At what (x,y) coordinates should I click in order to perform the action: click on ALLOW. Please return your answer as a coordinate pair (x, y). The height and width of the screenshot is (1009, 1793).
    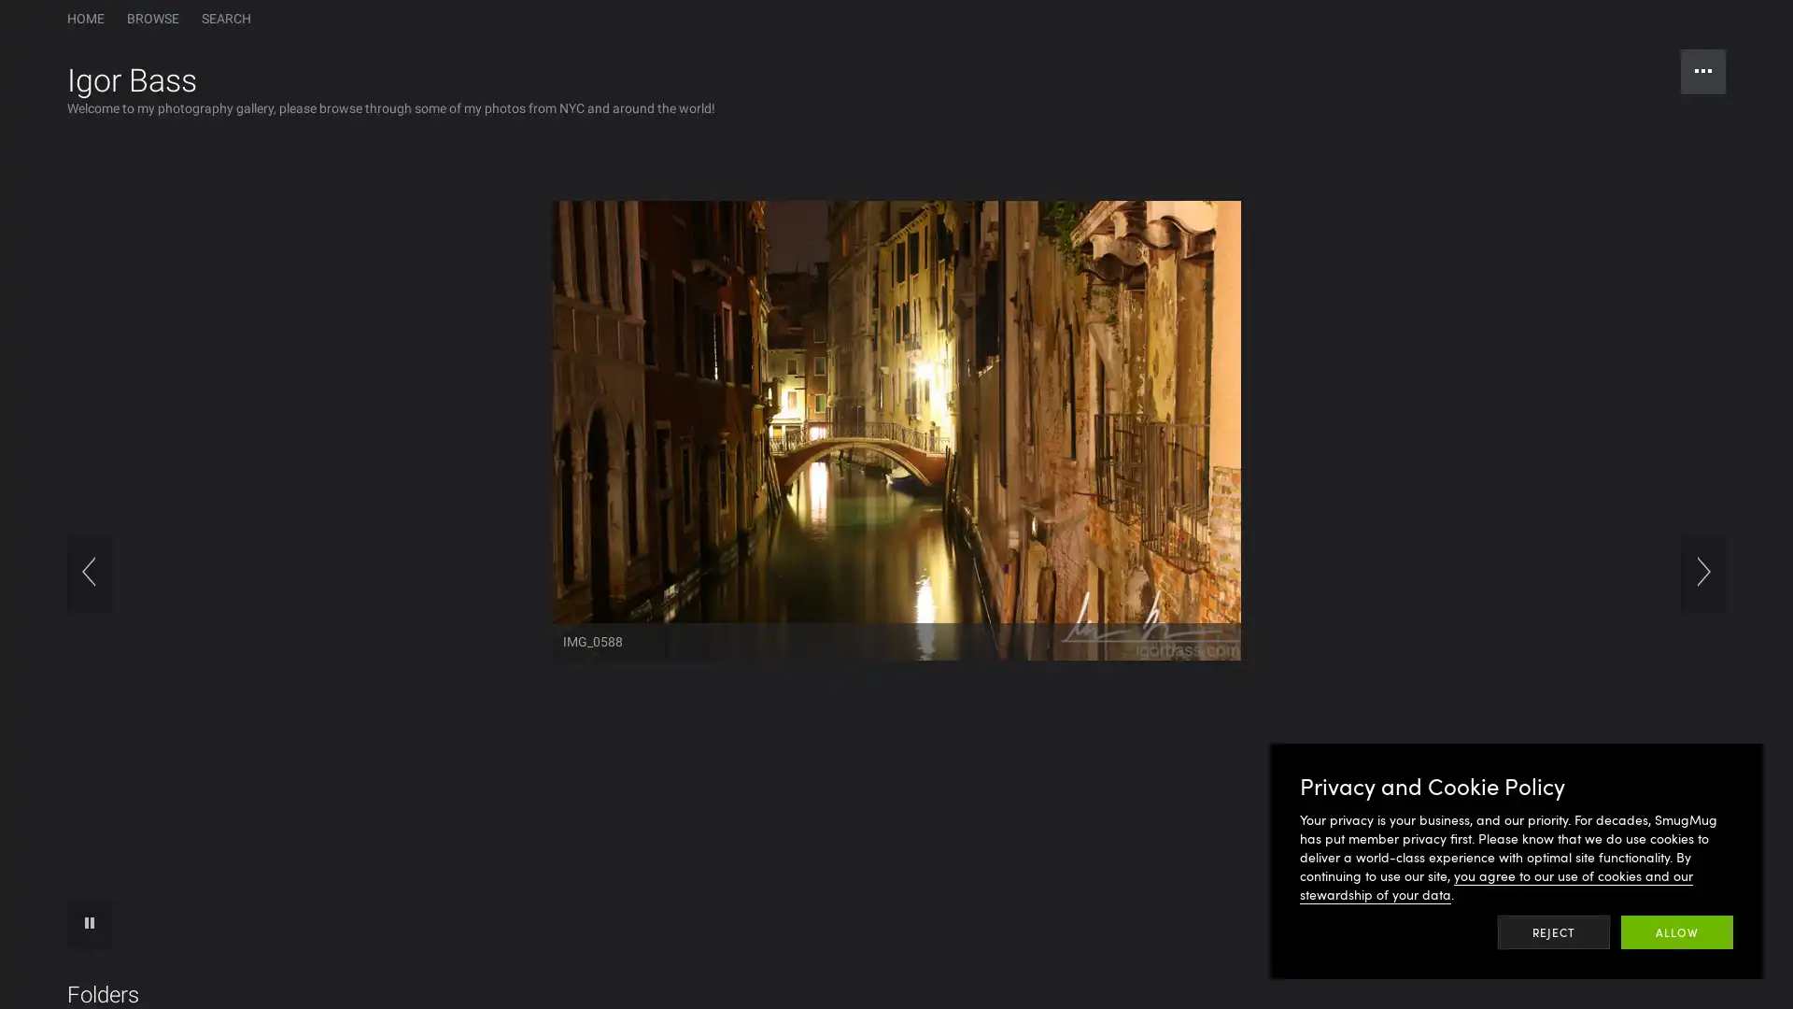
    Looking at the image, I should click on (1676, 932).